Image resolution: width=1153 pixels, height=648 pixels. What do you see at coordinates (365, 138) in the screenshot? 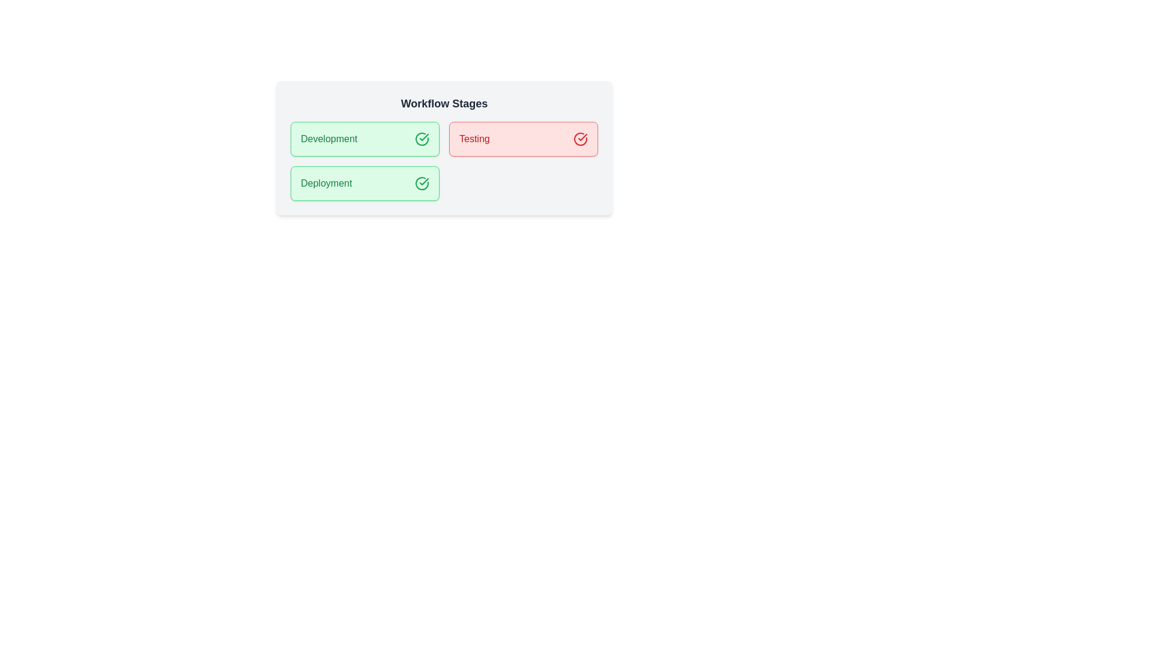
I see `the 'Development' stage card, which is the first card in the grid layout and indicates that this stage is completed or active with a green checkmark` at bounding box center [365, 138].